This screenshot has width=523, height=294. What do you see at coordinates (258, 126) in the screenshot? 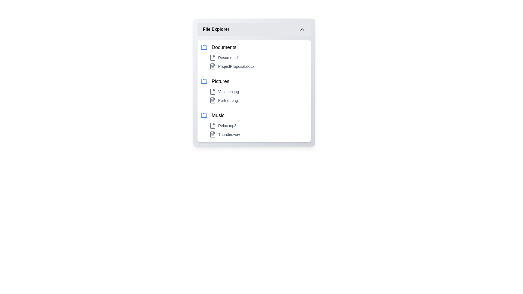
I see `the file named Relax.mp3 to open it` at bounding box center [258, 126].